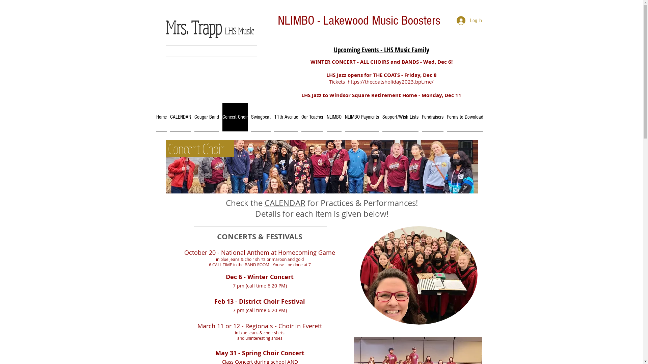 Image resolution: width=648 pixels, height=364 pixels. What do you see at coordinates (235, 117) in the screenshot?
I see `'Concert Choir'` at bounding box center [235, 117].